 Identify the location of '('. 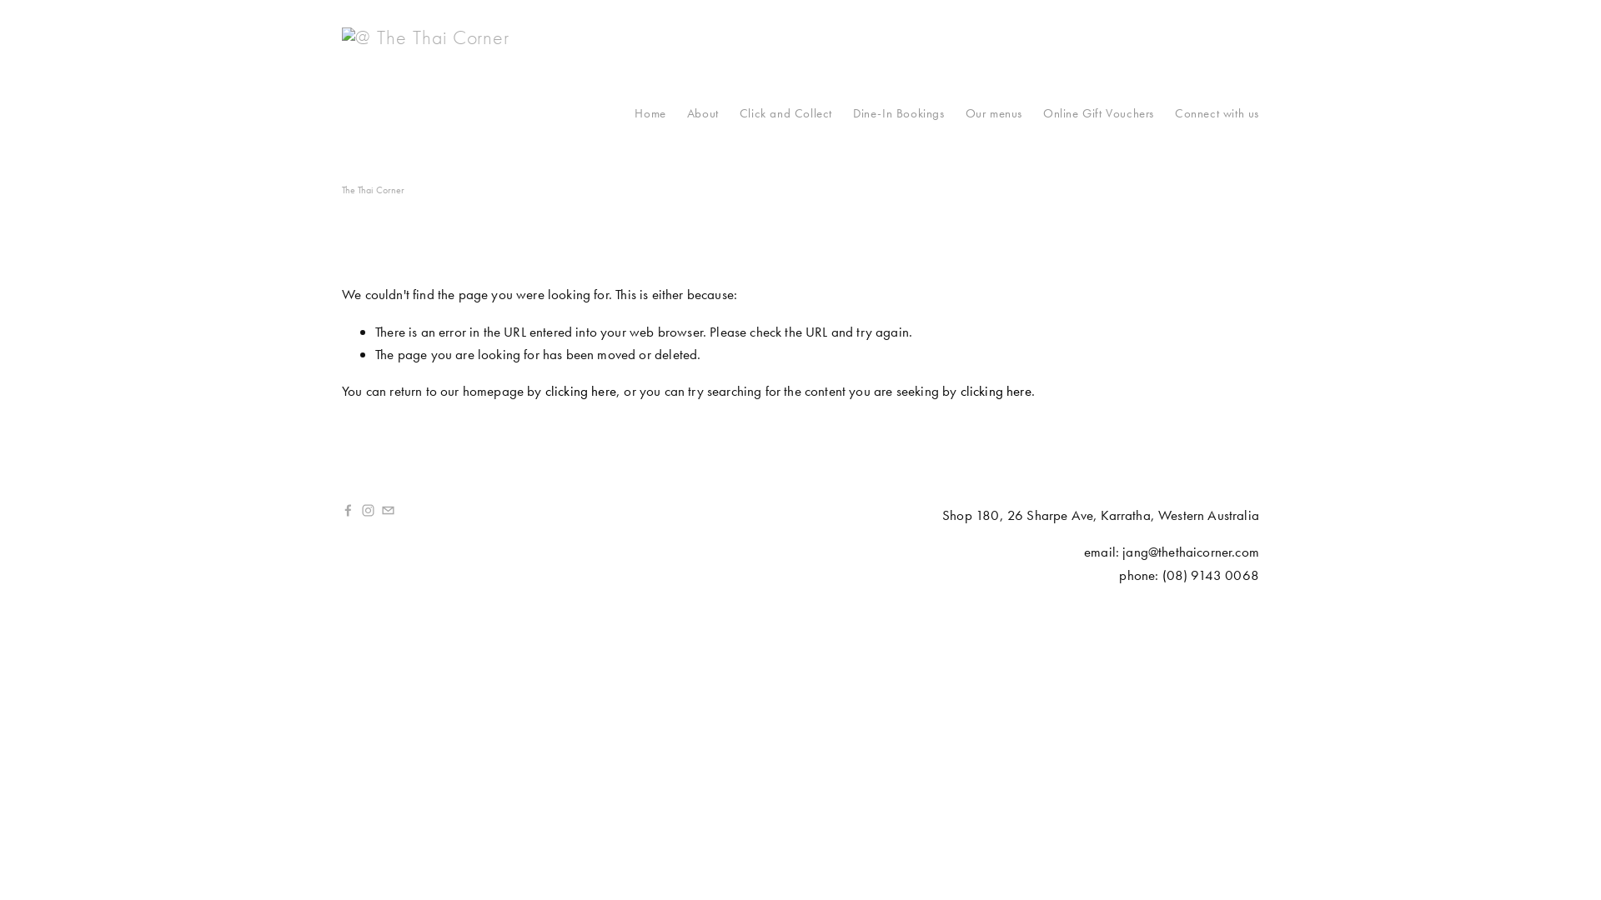
(1161, 574).